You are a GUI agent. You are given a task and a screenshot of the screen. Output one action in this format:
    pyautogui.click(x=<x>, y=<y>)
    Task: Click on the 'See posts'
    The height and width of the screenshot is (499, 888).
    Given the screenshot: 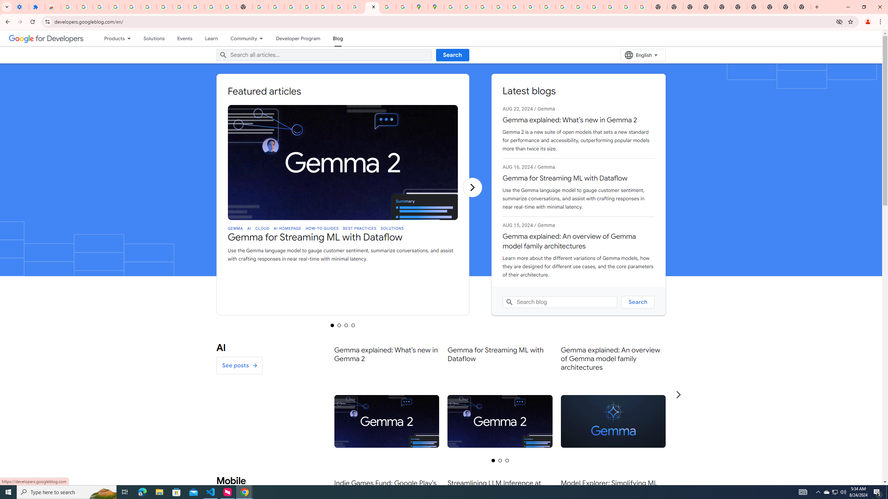 What is the action you would take?
    pyautogui.click(x=239, y=365)
    